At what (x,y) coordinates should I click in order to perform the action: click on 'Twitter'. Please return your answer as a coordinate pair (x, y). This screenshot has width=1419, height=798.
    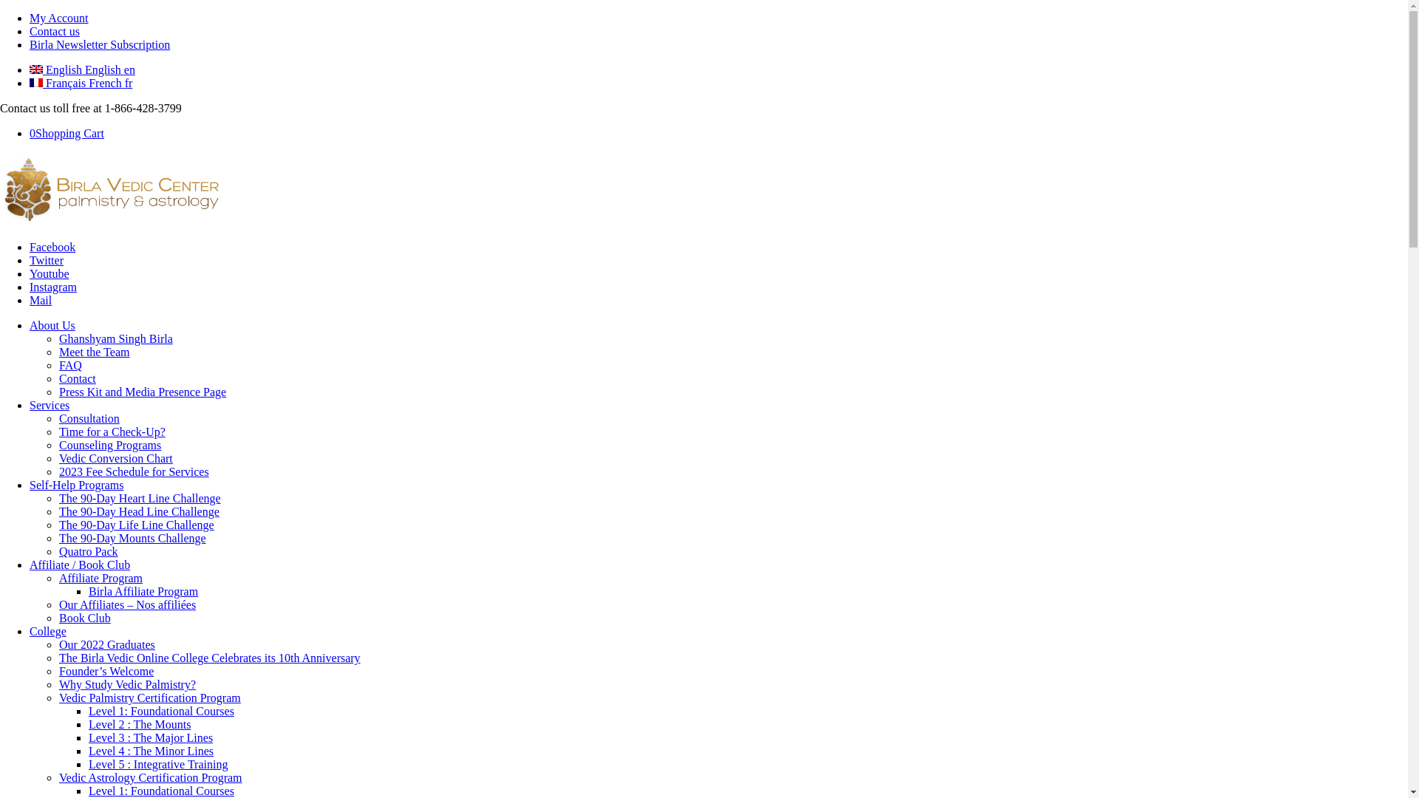
    Looking at the image, I should click on (46, 259).